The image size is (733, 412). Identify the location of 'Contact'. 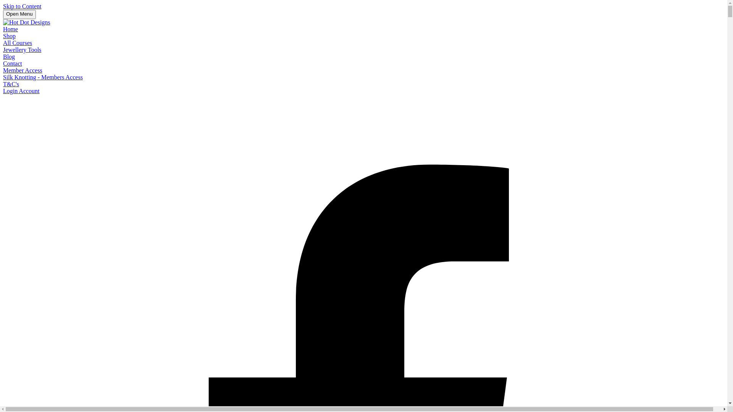
(13, 63).